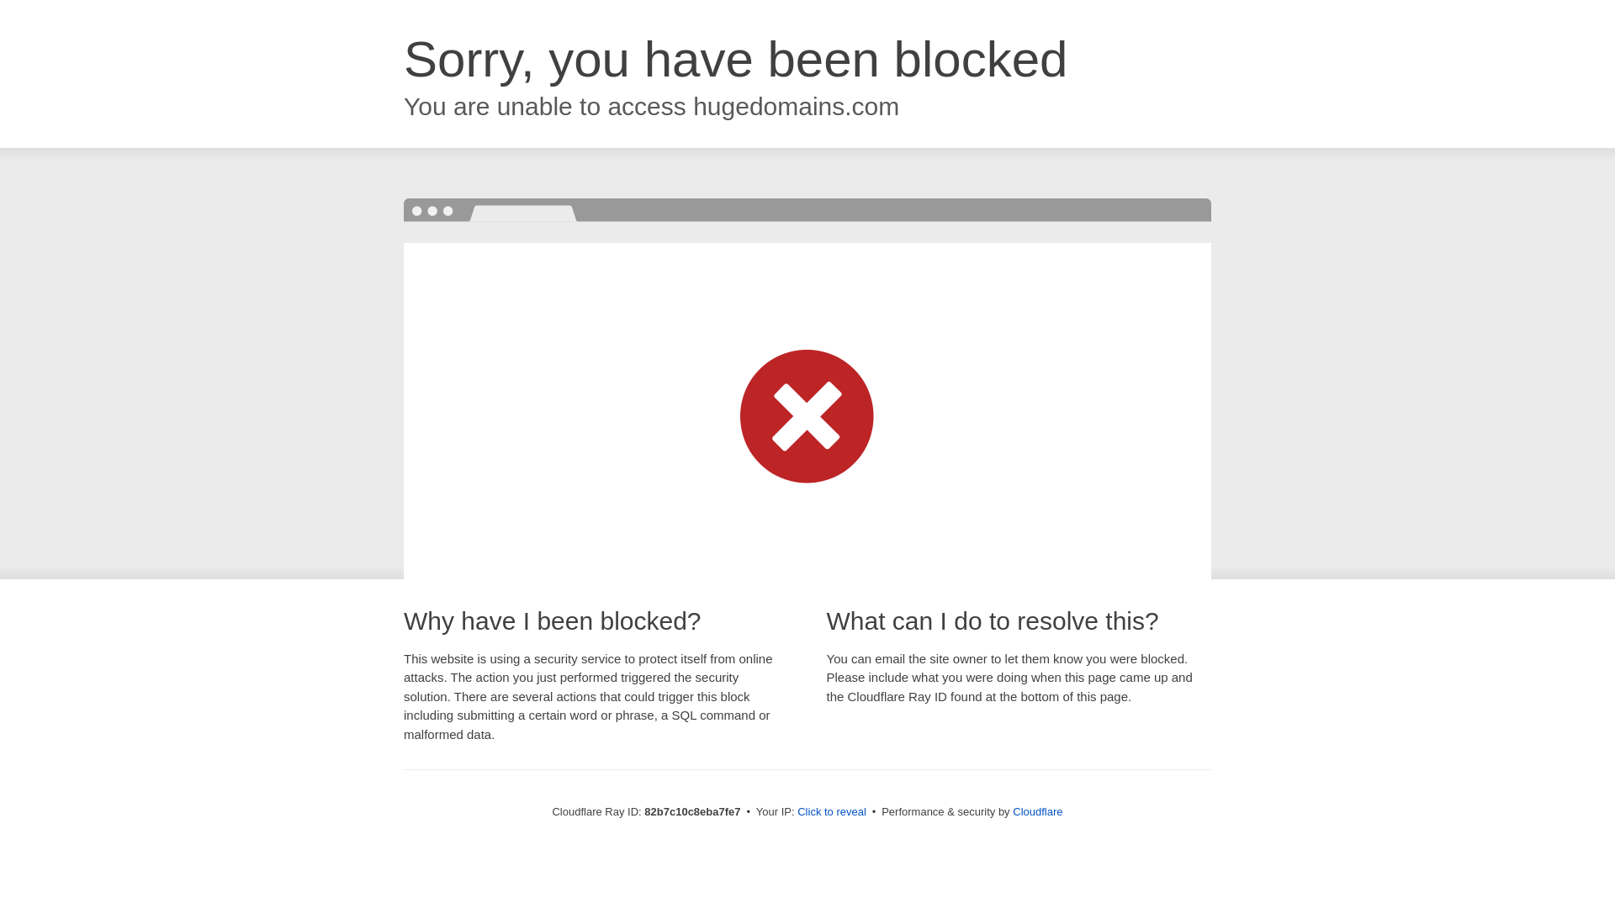  I want to click on 'Click to reveal', so click(797, 810).